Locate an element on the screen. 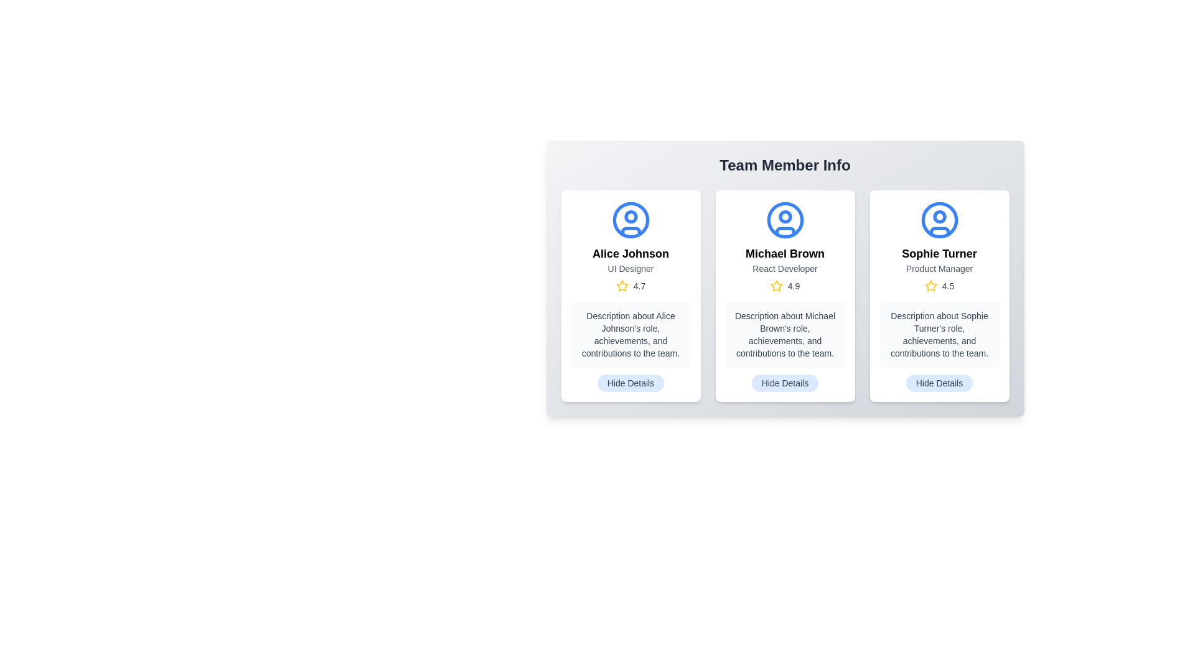 Image resolution: width=1195 pixels, height=672 pixels. the toggle button located at the bottom-center of Alice Johnson's details card to change its visual state is located at coordinates (630, 383).